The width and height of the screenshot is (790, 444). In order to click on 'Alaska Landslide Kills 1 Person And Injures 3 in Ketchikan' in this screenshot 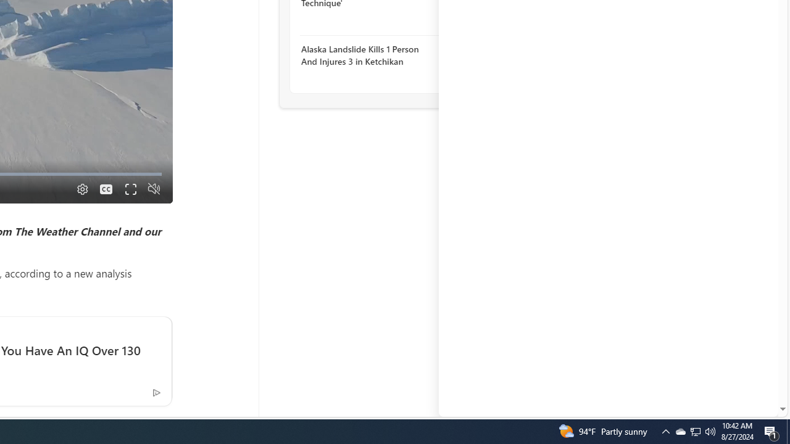, I will do `click(367, 54)`.